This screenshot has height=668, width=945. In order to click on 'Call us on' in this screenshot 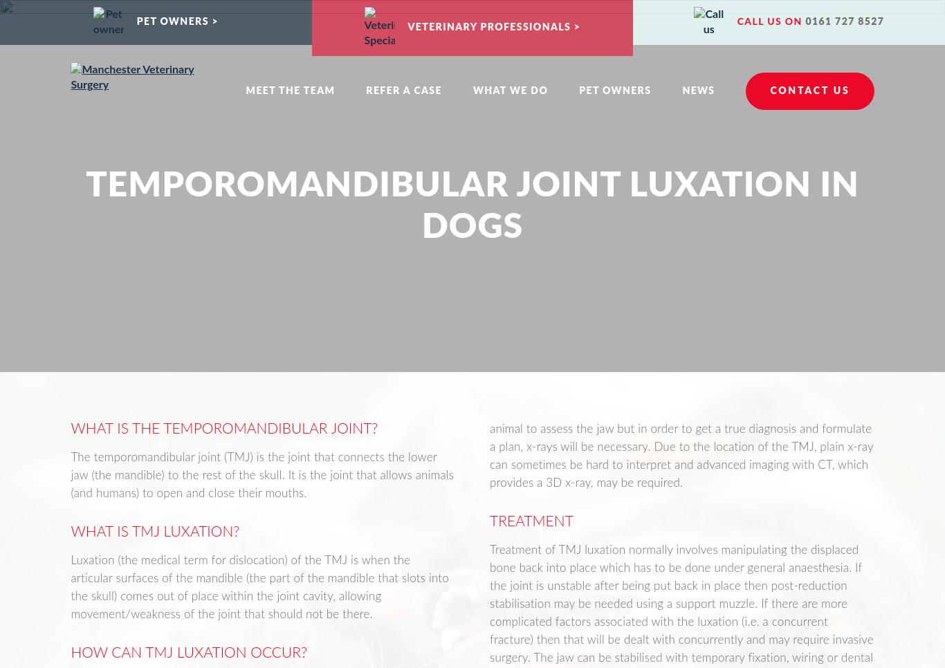, I will do `click(769, 21)`.